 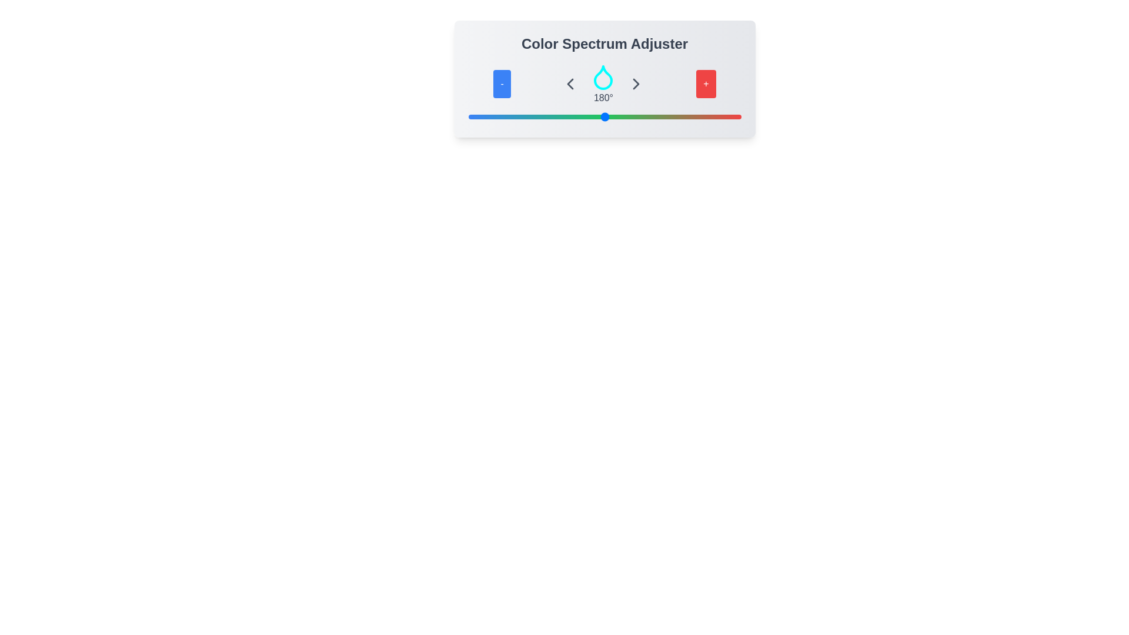 What do you see at coordinates (712, 117) in the screenshot?
I see `the slider to set the color value to 322` at bounding box center [712, 117].